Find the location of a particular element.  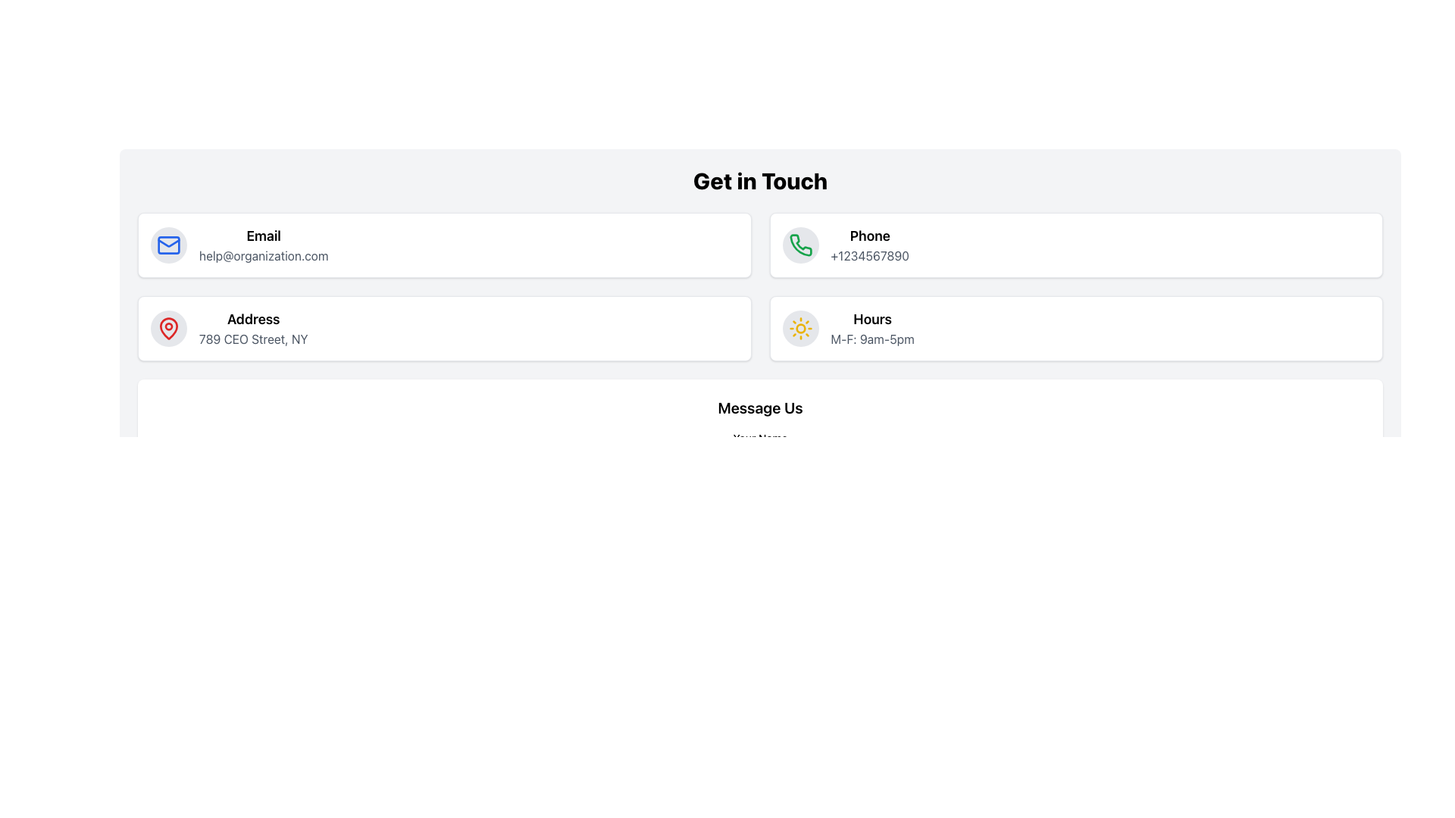

the Text Label that serves as a heading for the address information, specifically for the section detailing '789 CEO Street, NY.' is located at coordinates (253, 318).